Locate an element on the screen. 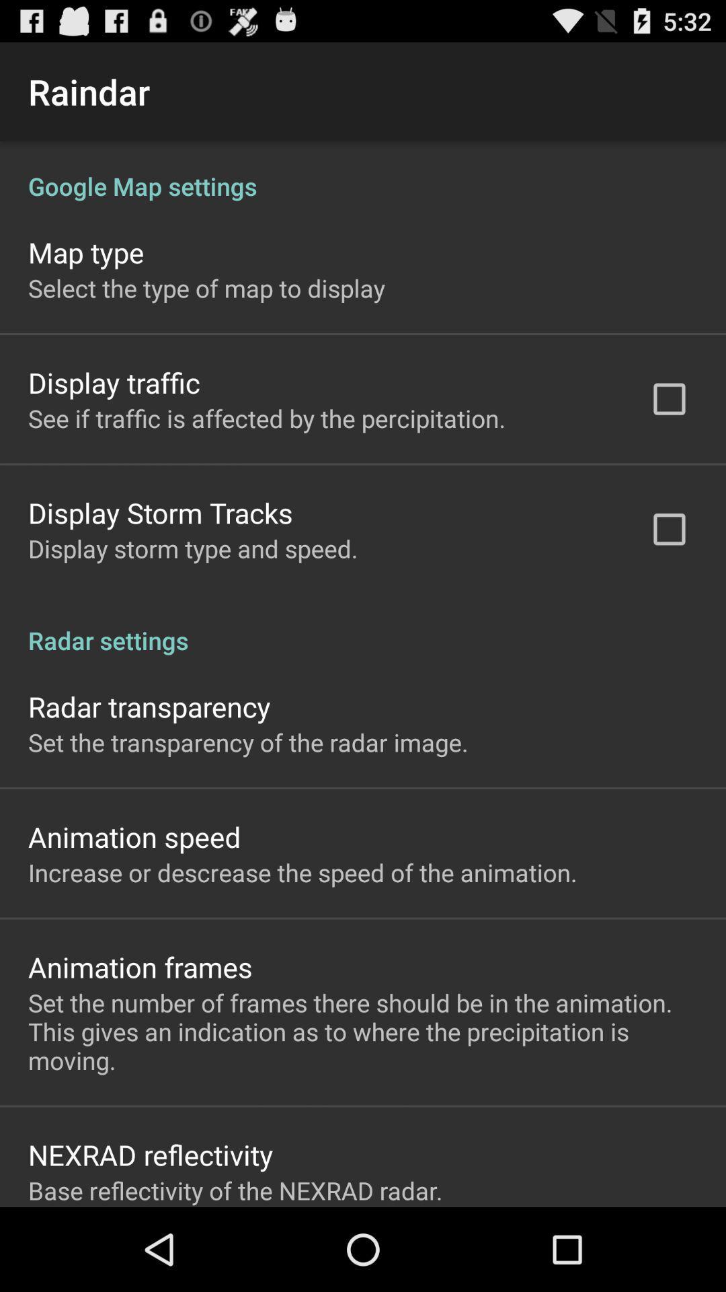 This screenshot has height=1292, width=726. radar settings icon is located at coordinates (363, 625).